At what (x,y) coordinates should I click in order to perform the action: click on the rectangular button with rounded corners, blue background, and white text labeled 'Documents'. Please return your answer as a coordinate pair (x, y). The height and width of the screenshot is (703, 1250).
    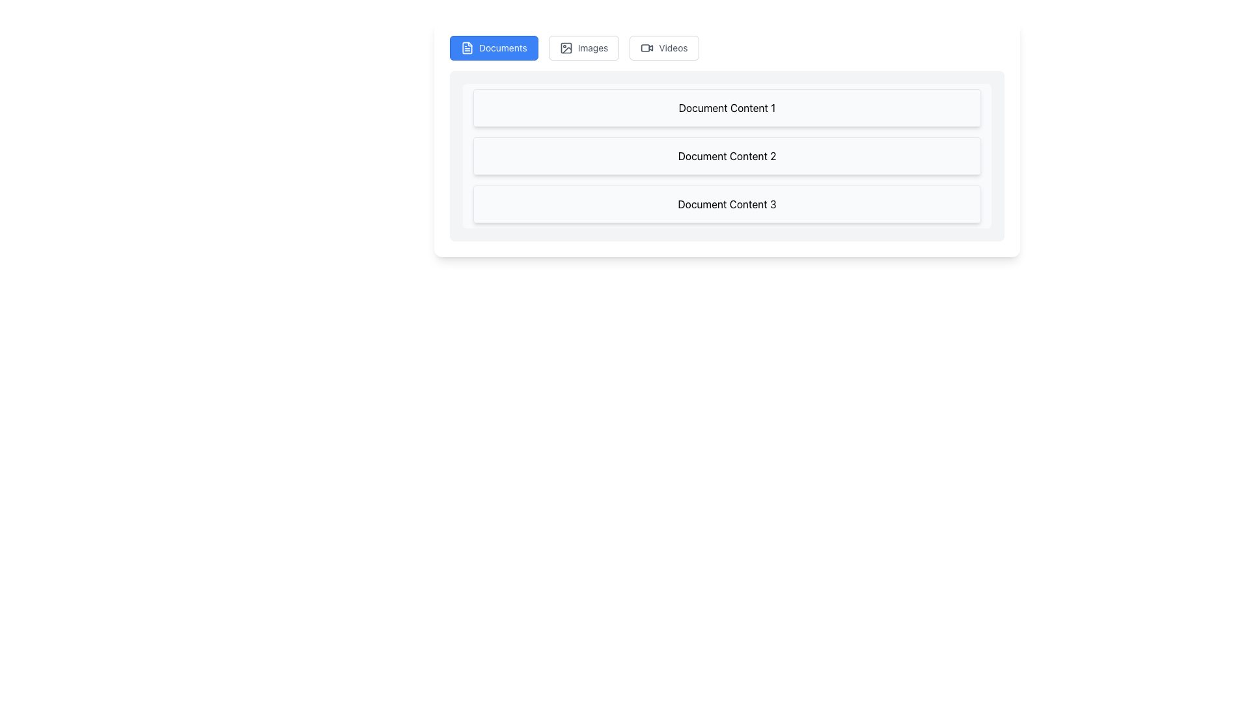
    Looking at the image, I should click on (493, 47).